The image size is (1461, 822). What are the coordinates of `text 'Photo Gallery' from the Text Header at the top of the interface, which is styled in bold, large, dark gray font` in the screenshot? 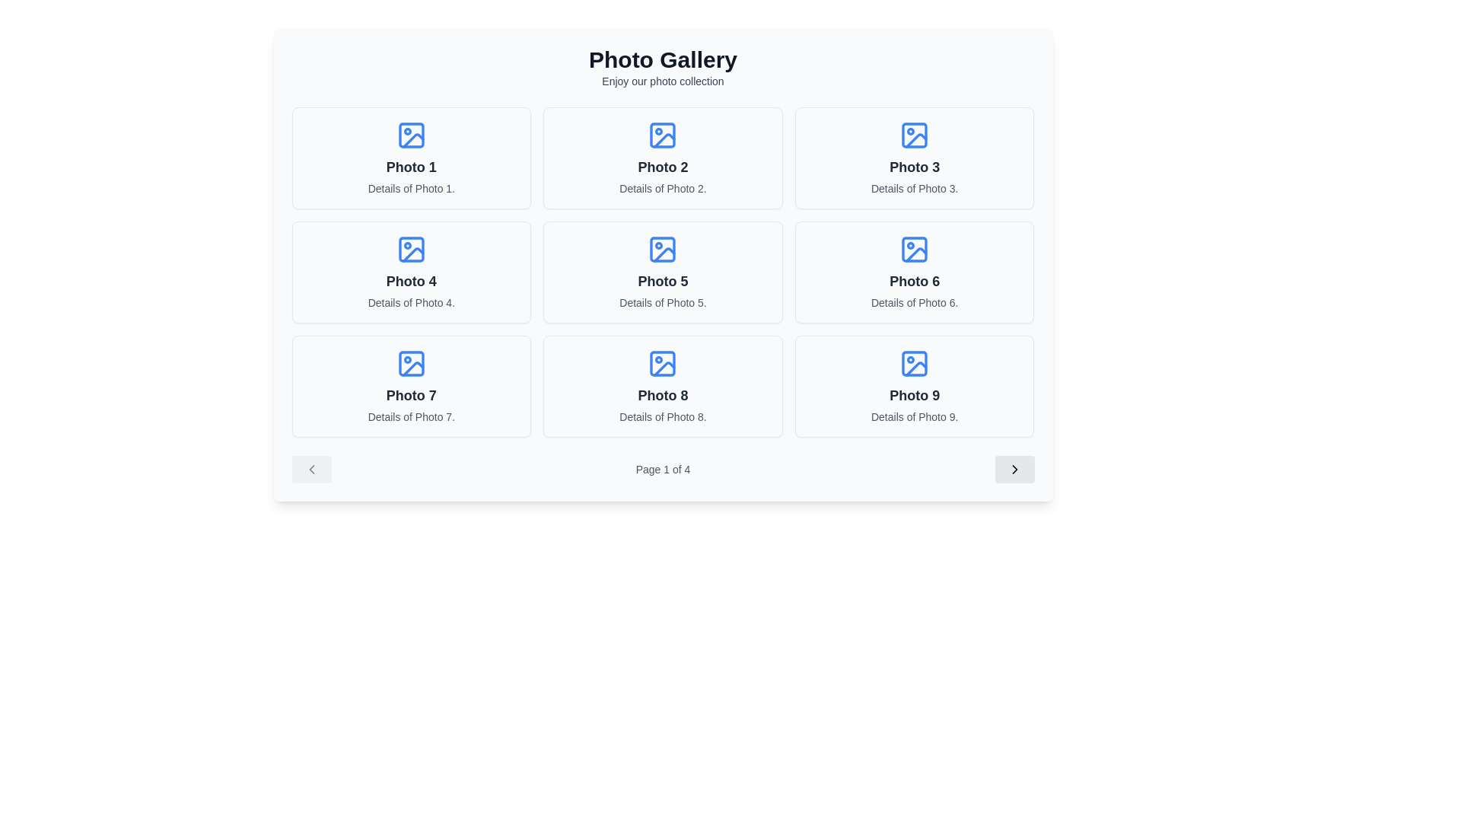 It's located at (663, 59).